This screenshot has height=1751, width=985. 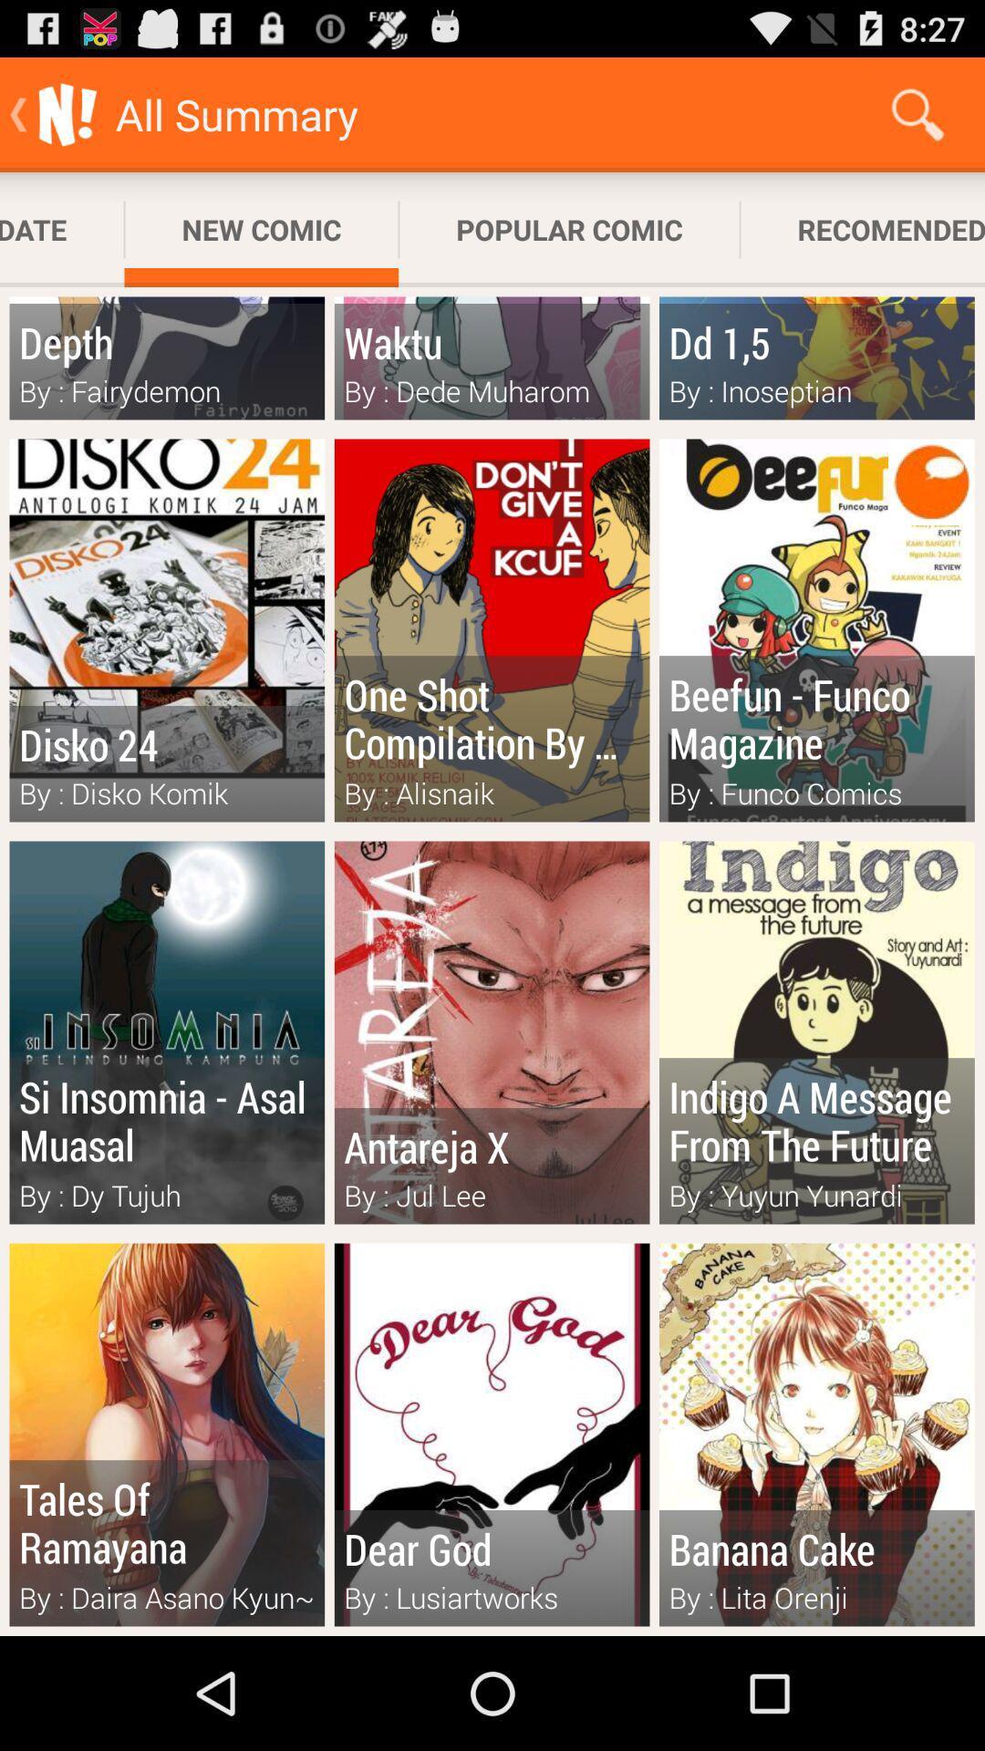 What do you see at coordinates (261, 229) in the screenshot?
I see `icon to the left of the popular comic icon` at bounding box center [261, 229].